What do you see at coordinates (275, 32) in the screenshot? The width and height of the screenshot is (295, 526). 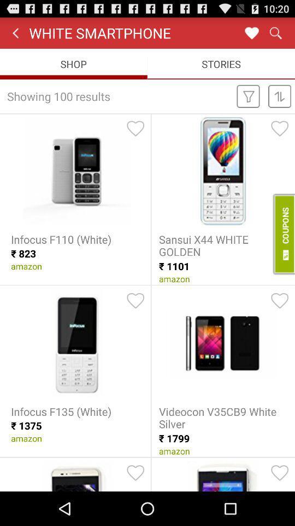 I see `search` at bounding box center [275, 32].